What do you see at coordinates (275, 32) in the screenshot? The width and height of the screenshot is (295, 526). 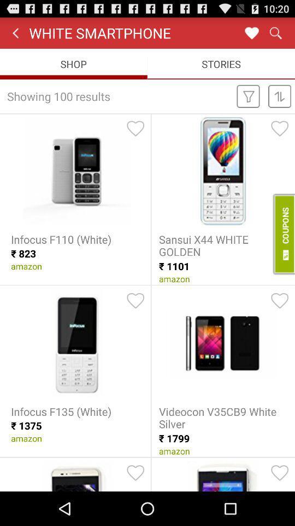 I see `search` at bounding box center [275, 32].